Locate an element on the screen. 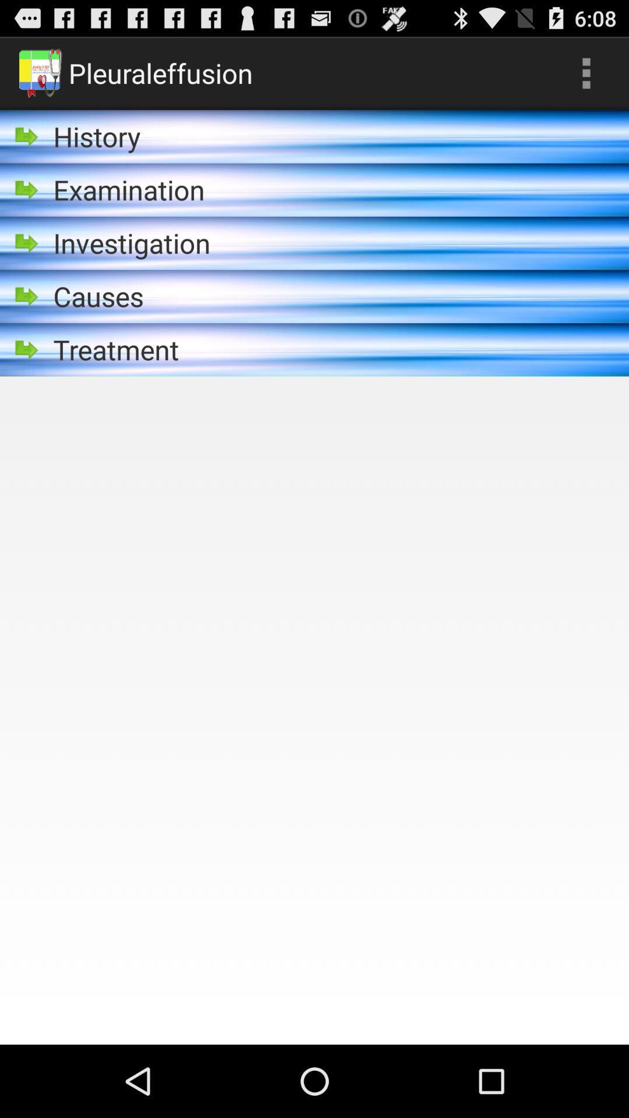  icon left to investigation is located at coordinates (27, 242).